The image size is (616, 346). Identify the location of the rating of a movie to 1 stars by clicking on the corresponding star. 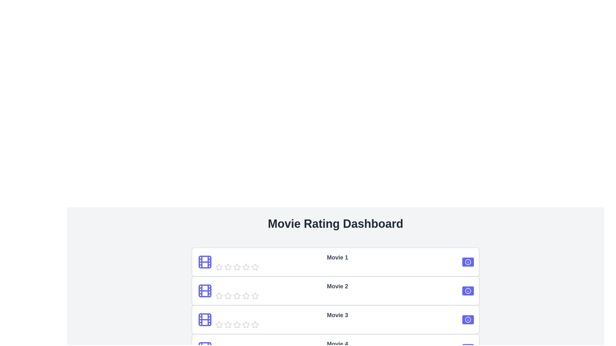
(219, 267).